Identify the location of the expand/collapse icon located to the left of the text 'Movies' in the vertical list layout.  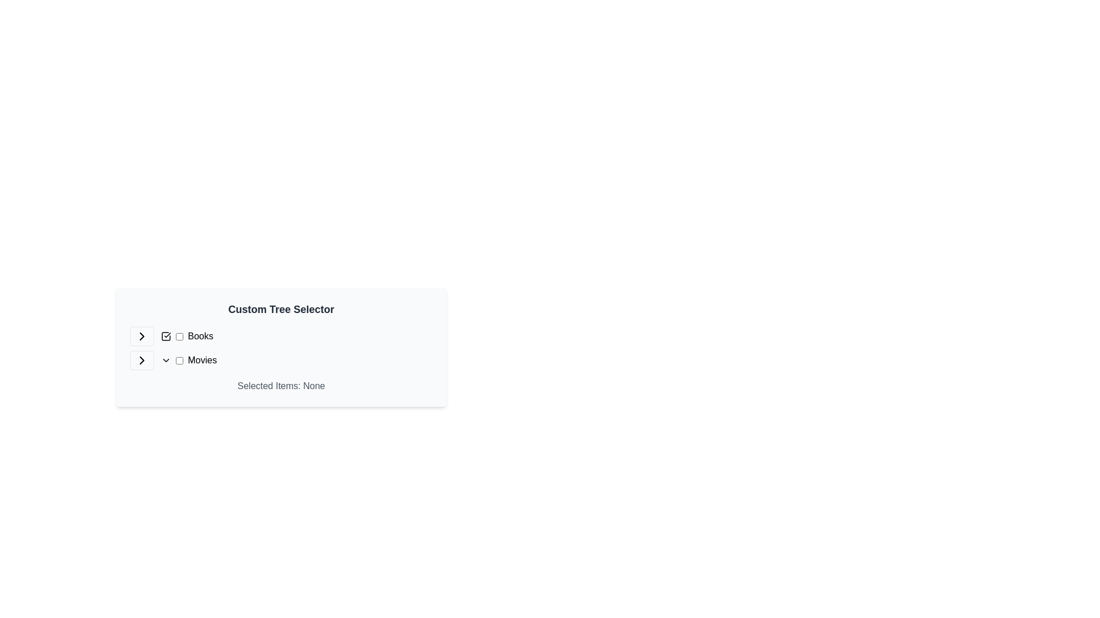
(142, 359).